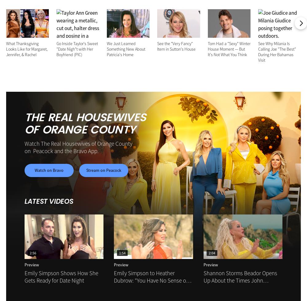 Image resolution: width=307 pixels, height=301 pixels. Describe the element at coordinates (103, 170) in the screenshot. I see `'Stream on Peacock'` at that location.